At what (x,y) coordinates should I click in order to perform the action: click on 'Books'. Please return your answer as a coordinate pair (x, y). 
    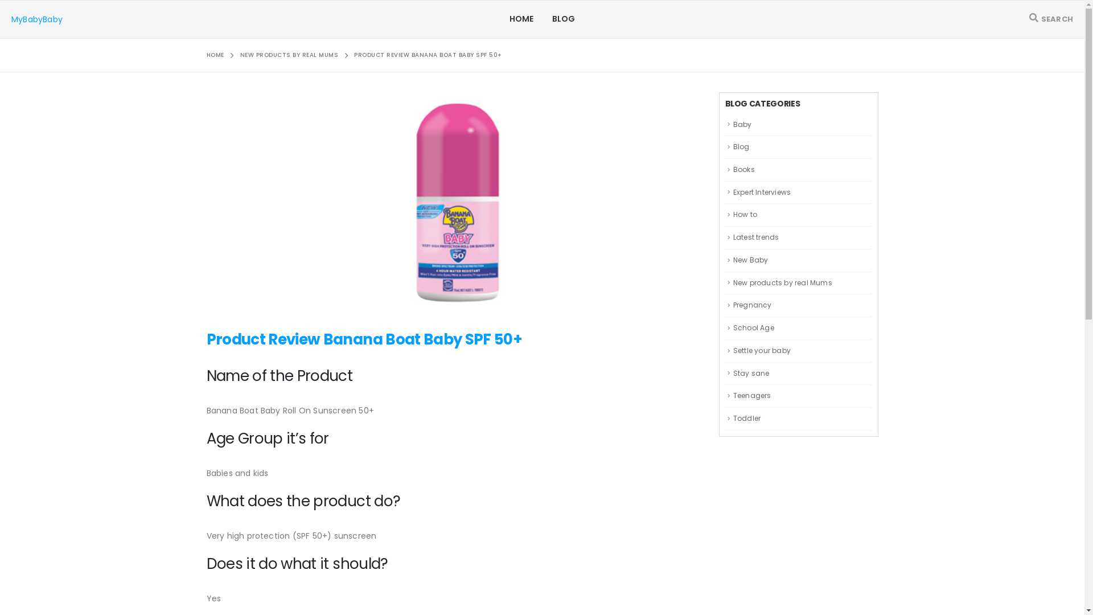
    Looking at the image, I should click on (733, 169).